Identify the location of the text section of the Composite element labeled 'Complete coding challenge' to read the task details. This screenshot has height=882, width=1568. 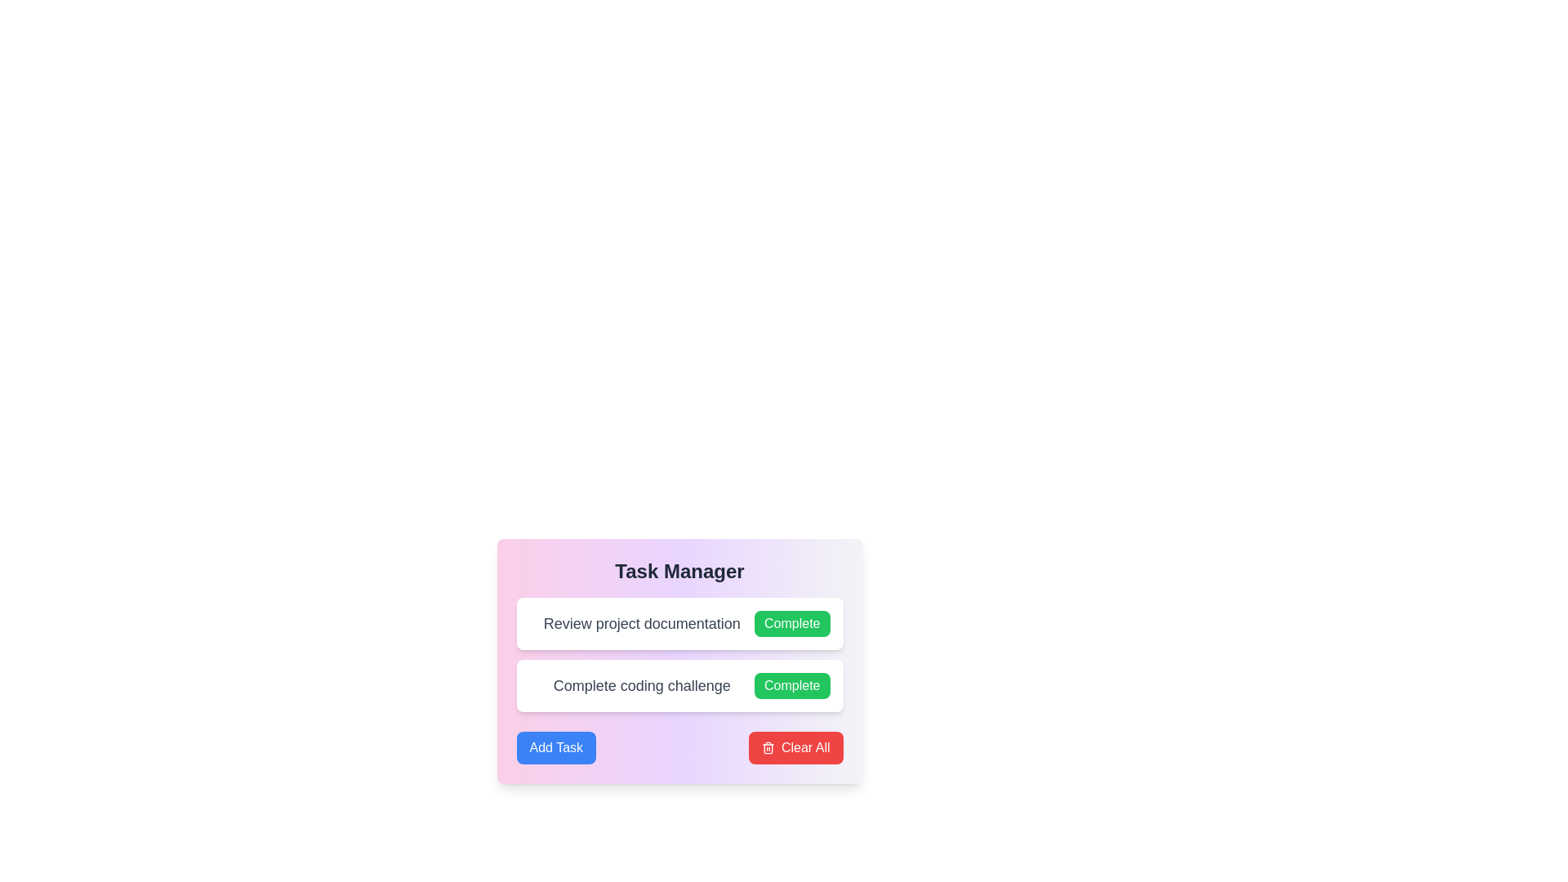
(679, 686).